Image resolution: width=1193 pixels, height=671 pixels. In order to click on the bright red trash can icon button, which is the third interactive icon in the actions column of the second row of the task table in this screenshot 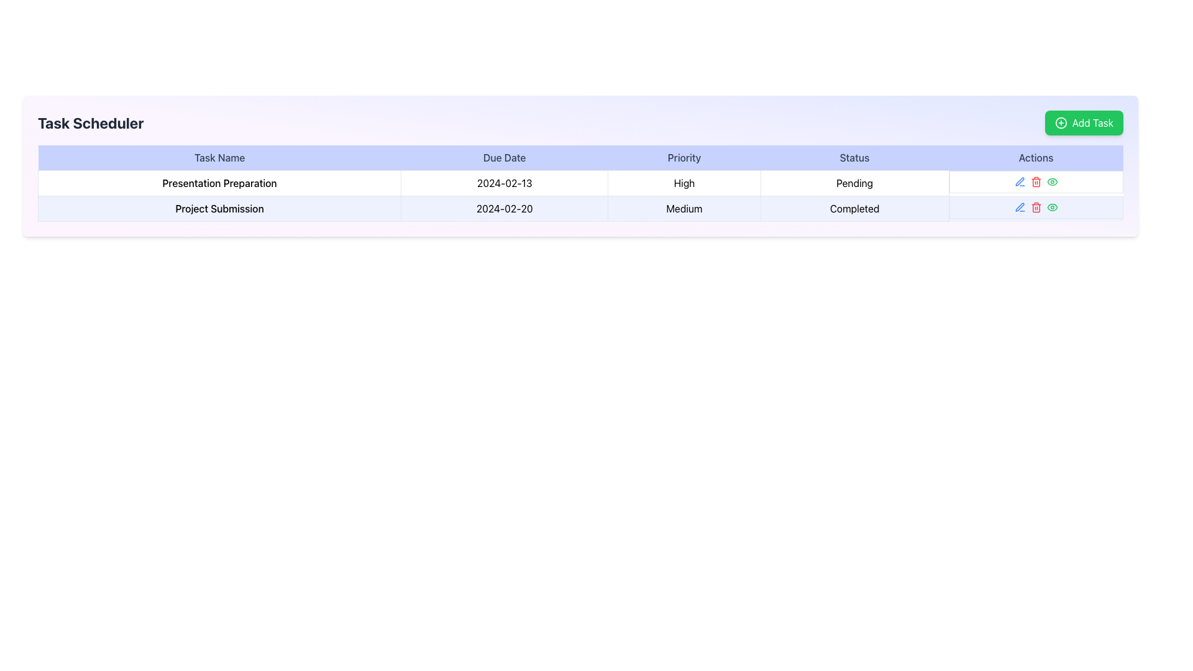, I will do `click(1036, 206)`.